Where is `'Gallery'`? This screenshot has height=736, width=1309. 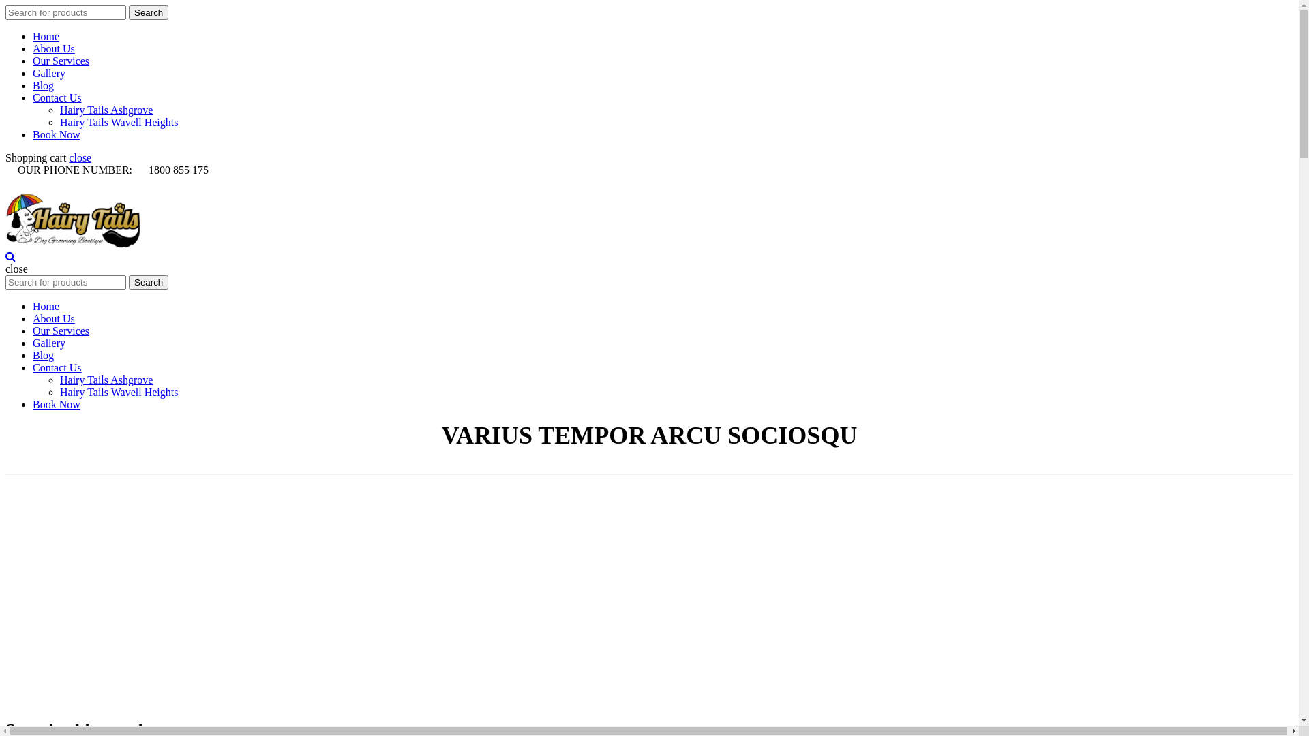 'Gallery' is located at coordinates (49, 342).